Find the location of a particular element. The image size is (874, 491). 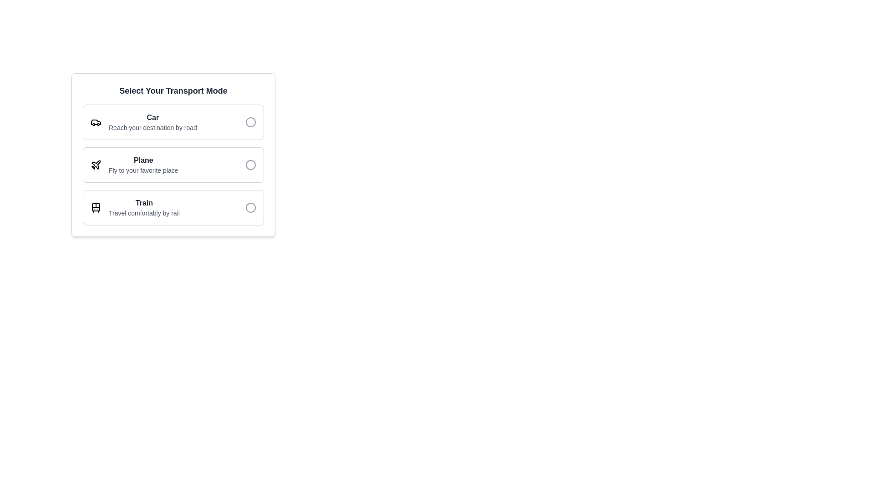

the 'Train' transport mode label, which is located in the third option block of the vertically-stacked selection interface for transport modes, positioned below 'Car' and 'Plane' is located at coordinates (143, 203).